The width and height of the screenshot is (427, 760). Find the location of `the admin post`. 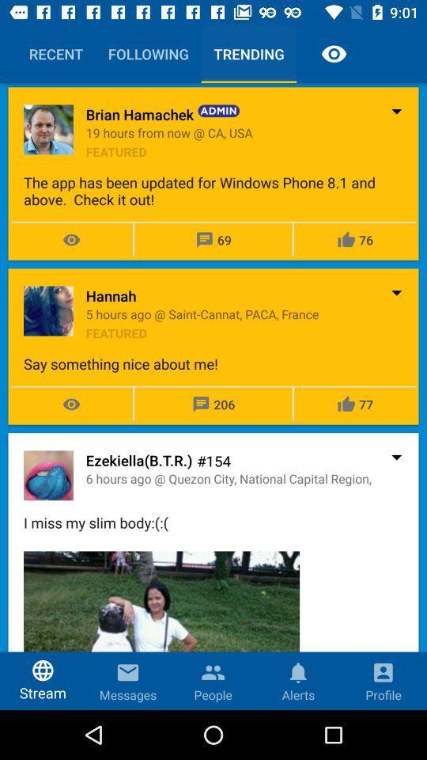

the admin post is located at coordinates (213, 173).